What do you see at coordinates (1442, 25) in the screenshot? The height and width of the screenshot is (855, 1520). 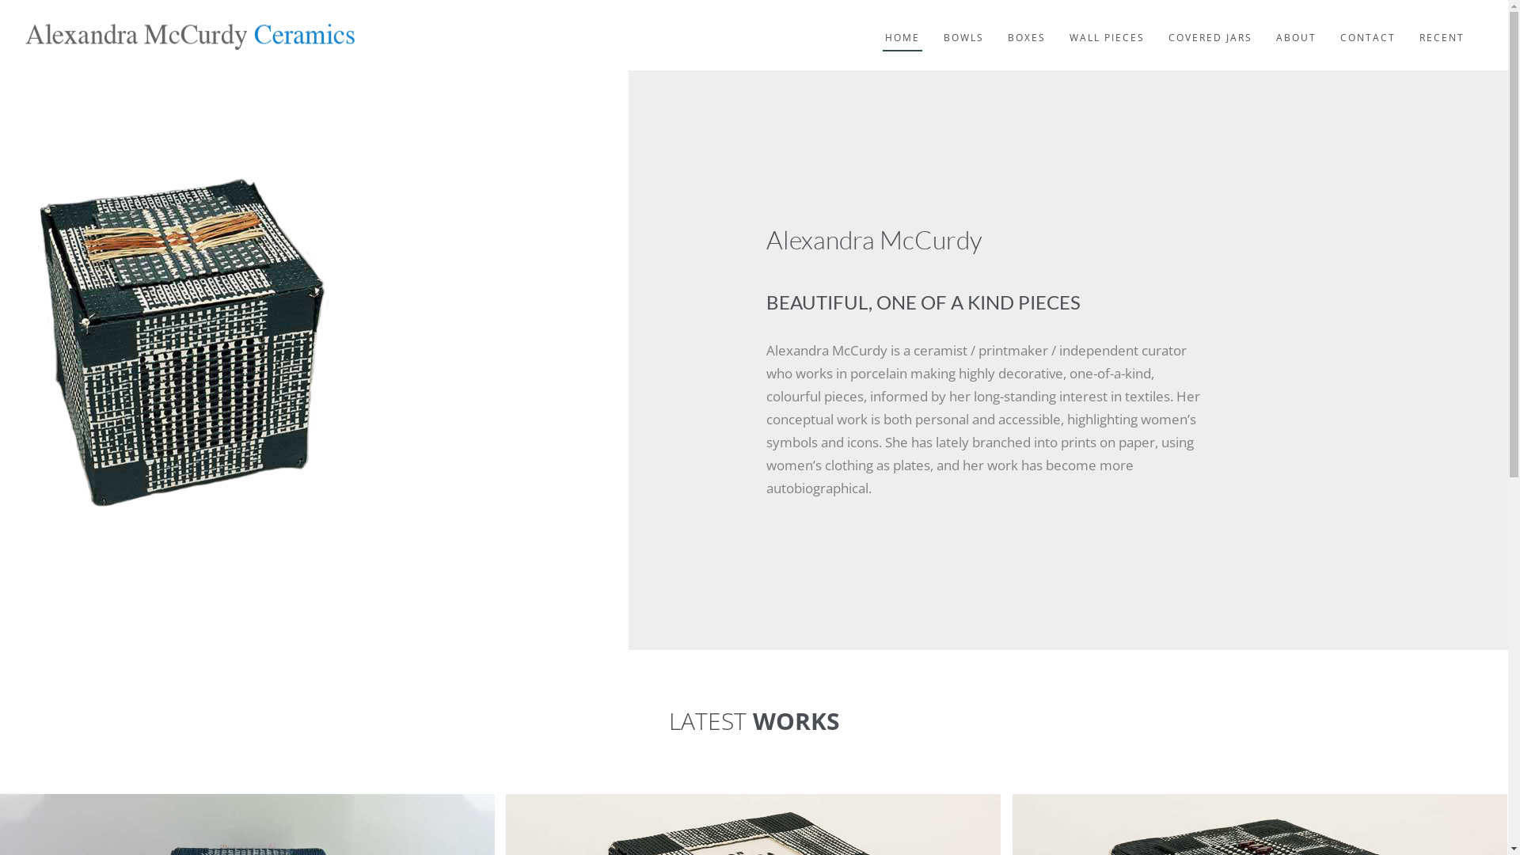 I see `'RECENT'` at bounding box center [1442, 25].